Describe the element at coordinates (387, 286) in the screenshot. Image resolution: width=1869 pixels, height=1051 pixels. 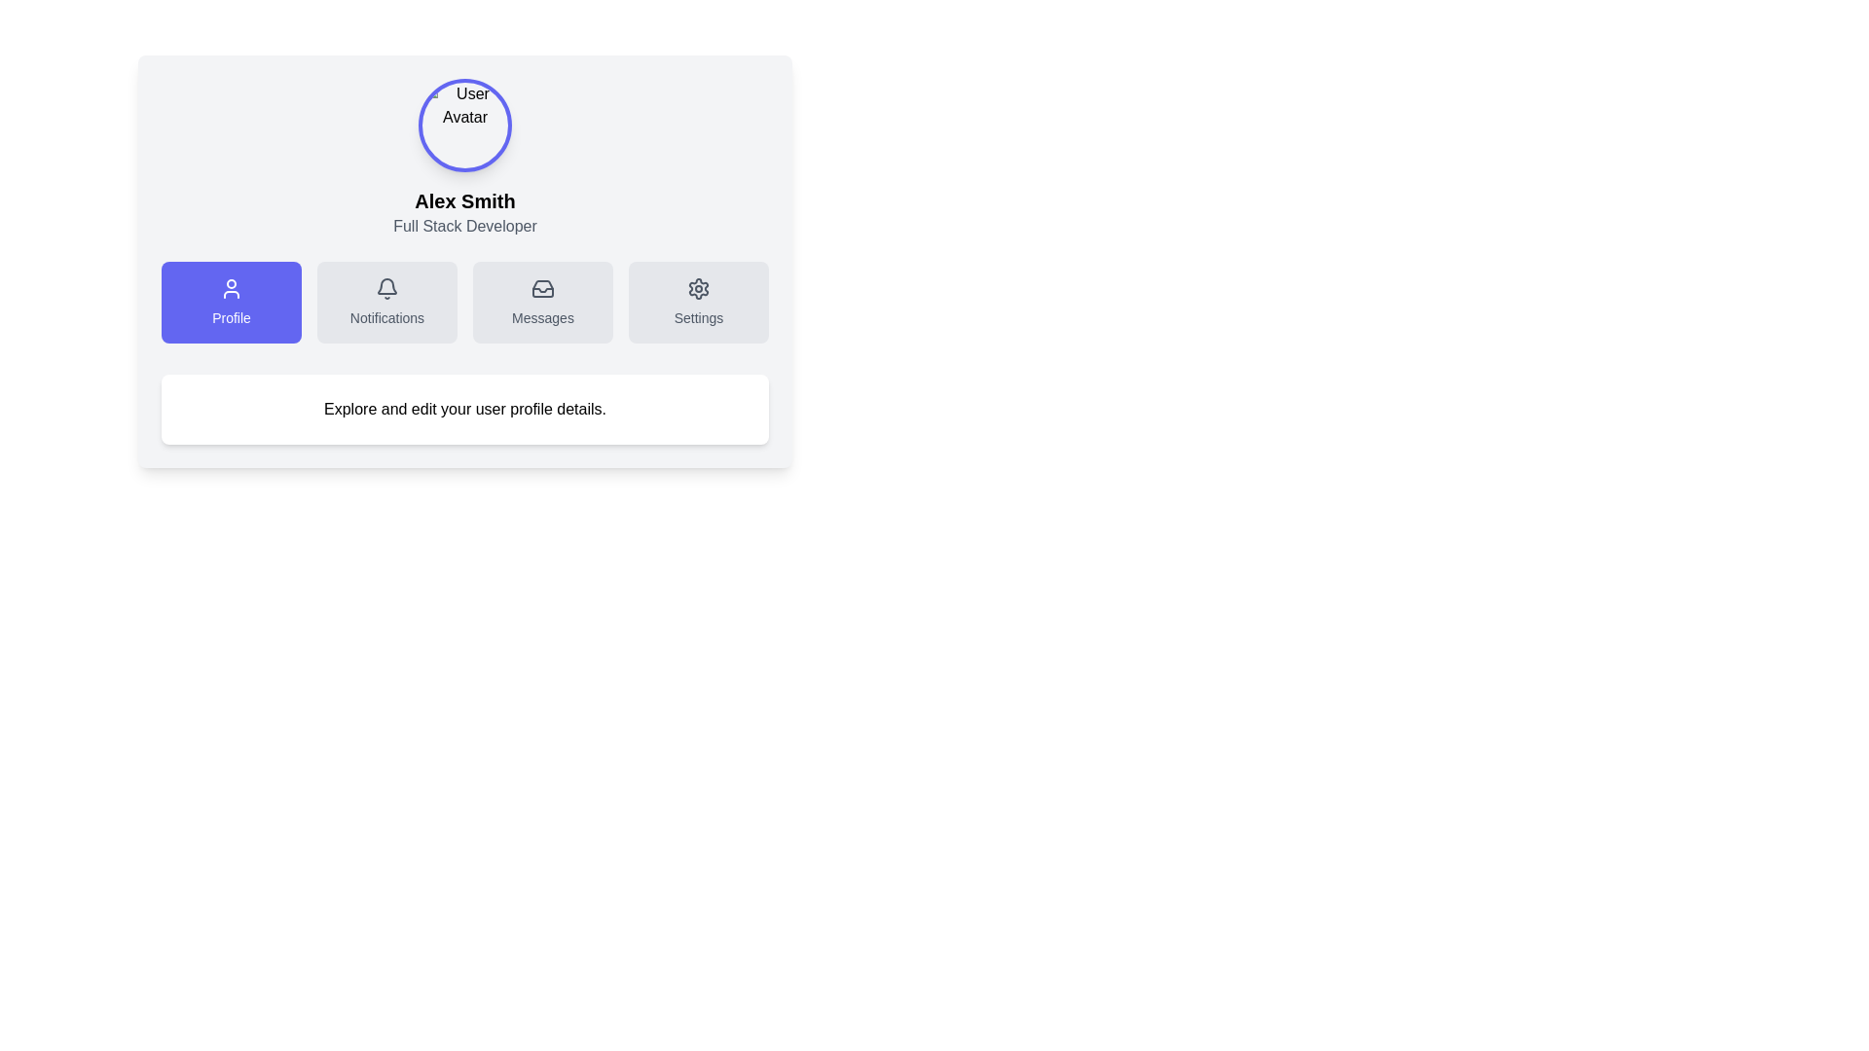
I see `the notifications button icon, which is the second element from the left in the navigation buttons below the user name and avatar` at that location.